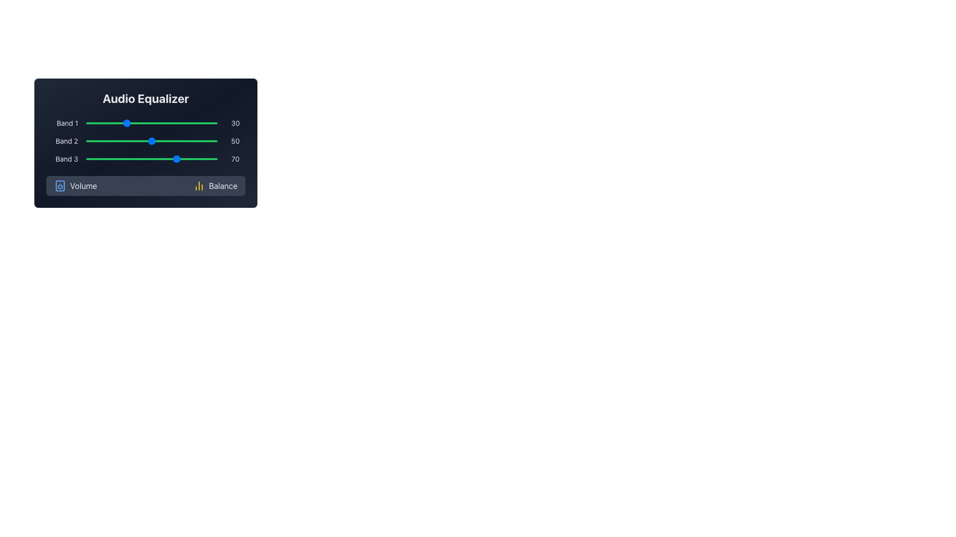 The width and height of the screenshot is (956, 537). What do you see at coordinates (90, 122) in the screenshot?
I see `Band 1 equalizer value` at bounding box center [90, 122].